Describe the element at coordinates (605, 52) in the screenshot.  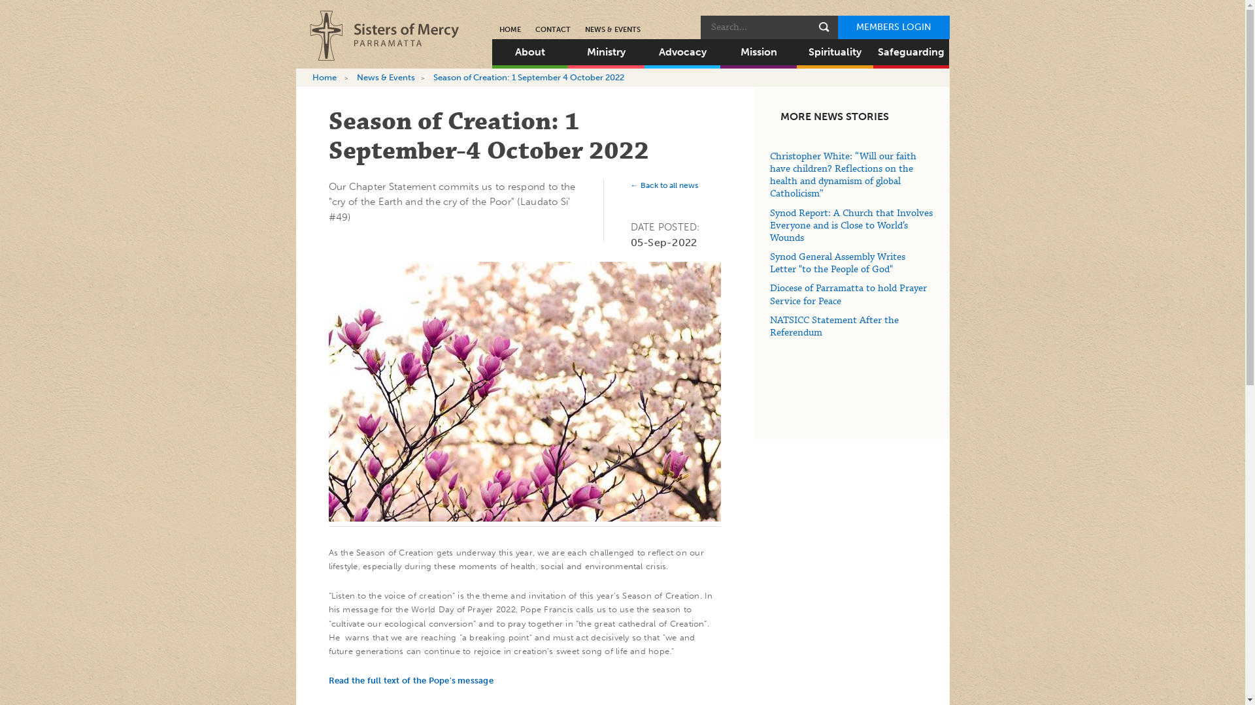
I see `'Ministry'` at that location.